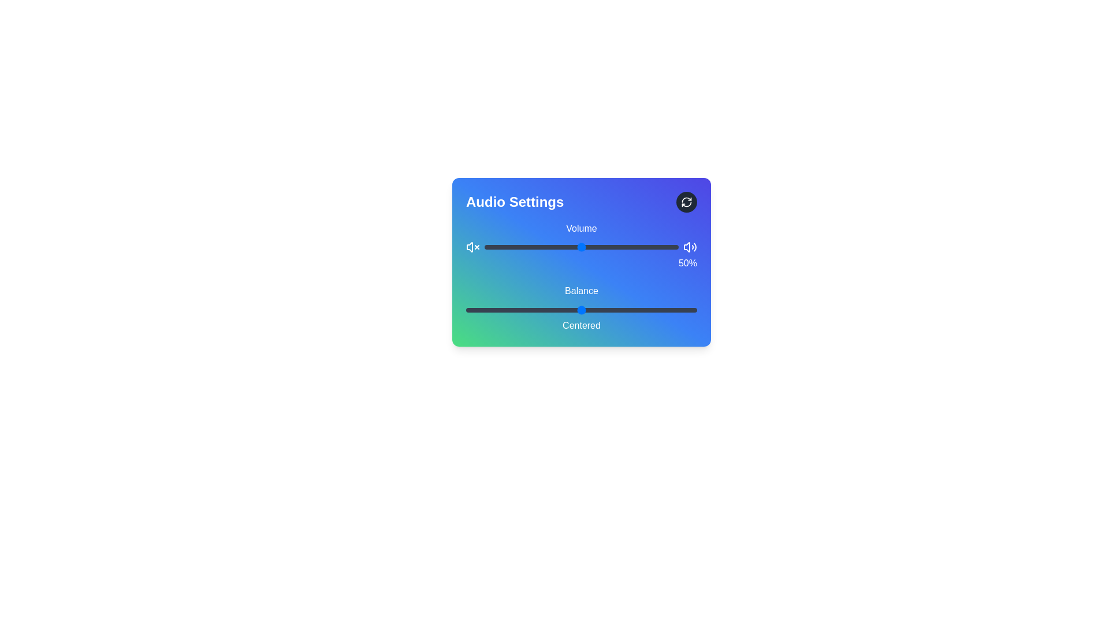 This screenshot has height=624, width=1109. Describe the element at coordinates (667, 309) in the screenshot. I see `the balance` at that location.